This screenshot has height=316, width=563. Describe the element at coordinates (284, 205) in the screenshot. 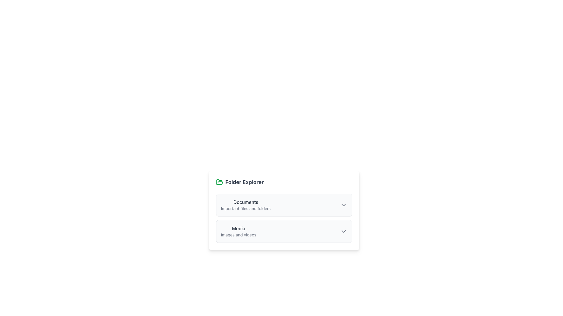

I see `the first selectable entry in the 'Documents' category within the 'Folder Explorer' section` at that location.